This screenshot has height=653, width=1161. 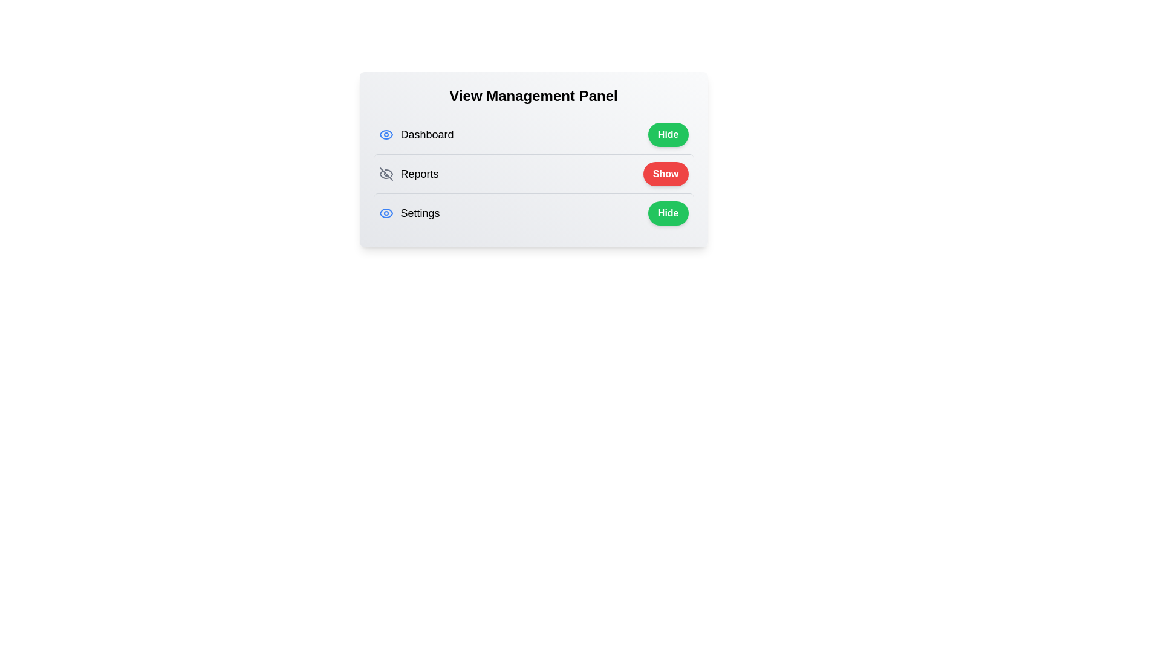 What do you see at coordinates (668, 213) in the screenshot?
I see `the toggle button for Settings to change its visibility` at bounding box center [668, 213].